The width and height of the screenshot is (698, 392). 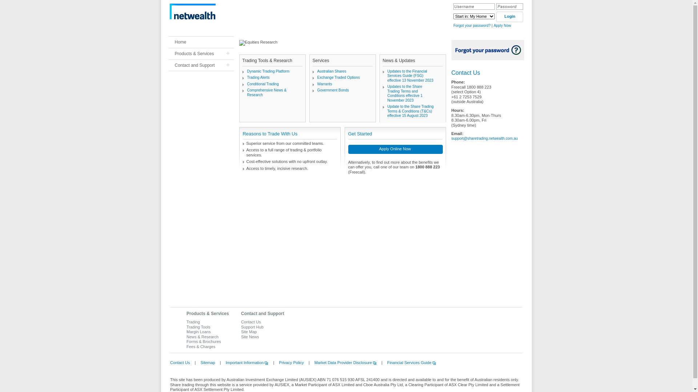 What do you see at coordinates (201, 42) in the screenshot?
I see `'Home'` at bounding box center [201, 42].